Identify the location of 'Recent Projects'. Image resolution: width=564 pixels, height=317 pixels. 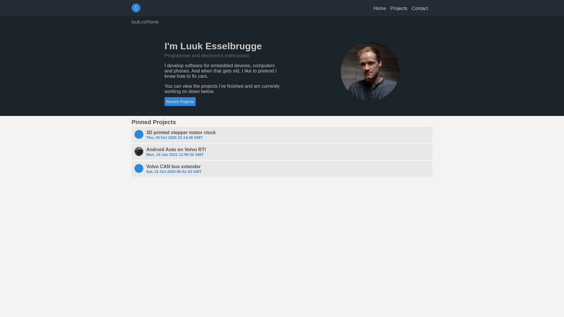
(180, 101).